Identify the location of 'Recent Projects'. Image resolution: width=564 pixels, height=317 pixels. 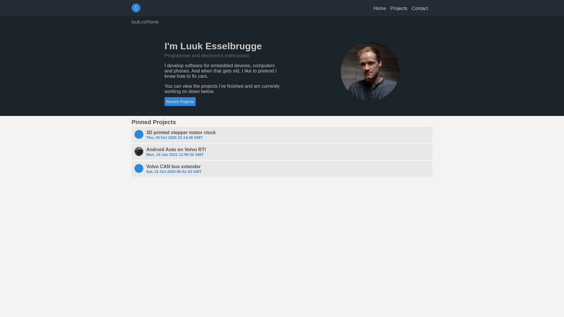
(180, 101).